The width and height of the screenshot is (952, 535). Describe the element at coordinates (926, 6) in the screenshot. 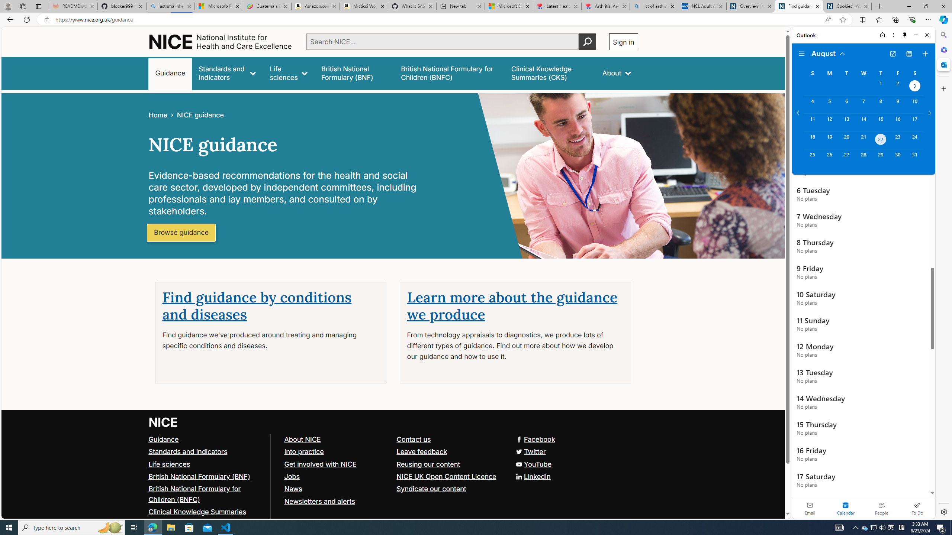

I see `'Restore'` at that location.